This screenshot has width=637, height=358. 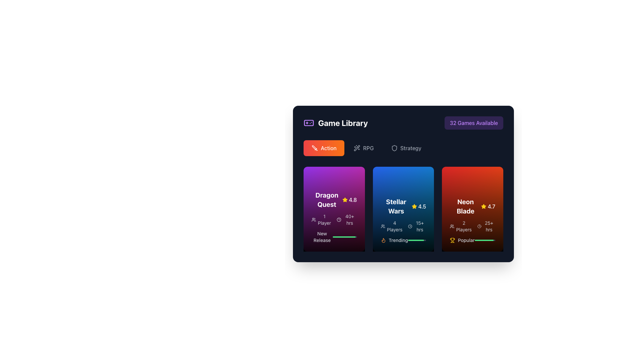 What do you see at coordinates (327, 199) in the screenshot?
I see `the 'Dragon Quest' text label, which is styled in bold and white color` at bounding box center [327, 199].